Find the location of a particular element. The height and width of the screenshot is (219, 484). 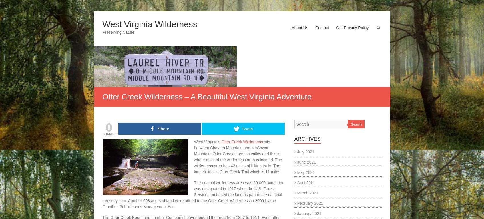

'April 2021' is located at coordinates (306, 182).